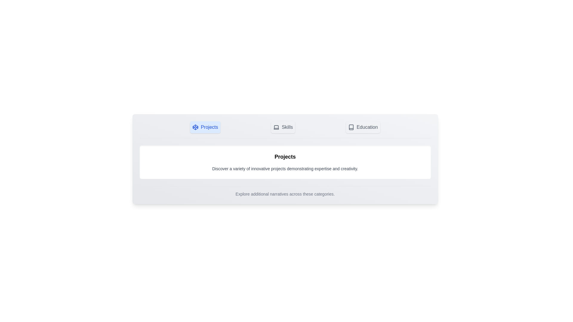  Describe the element at coordinates (285, 156) in the screenshot. I see `the 'Projects' Text Label` at that location.